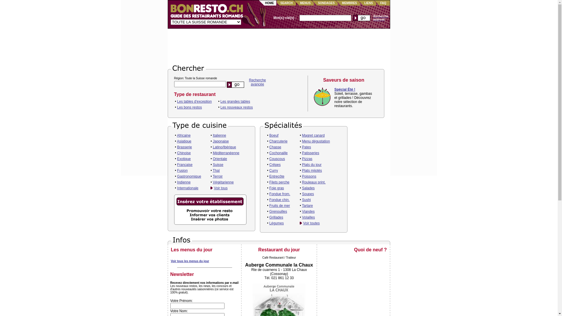  What do you see at coordinates (313, 135) in the screenshot?
I see `'Magret canard'` at bounding box center [313, 135].